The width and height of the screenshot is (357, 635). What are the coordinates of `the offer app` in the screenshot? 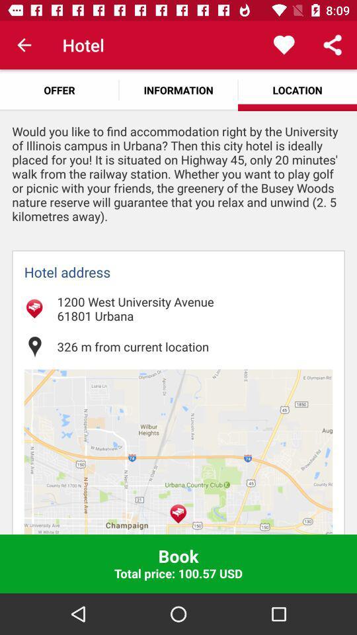 It's located at (59, 89).